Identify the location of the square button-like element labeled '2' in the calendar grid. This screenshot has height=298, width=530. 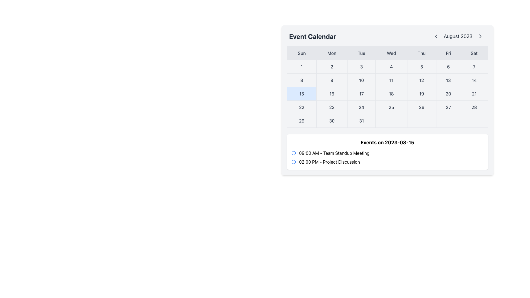
(332, 66).